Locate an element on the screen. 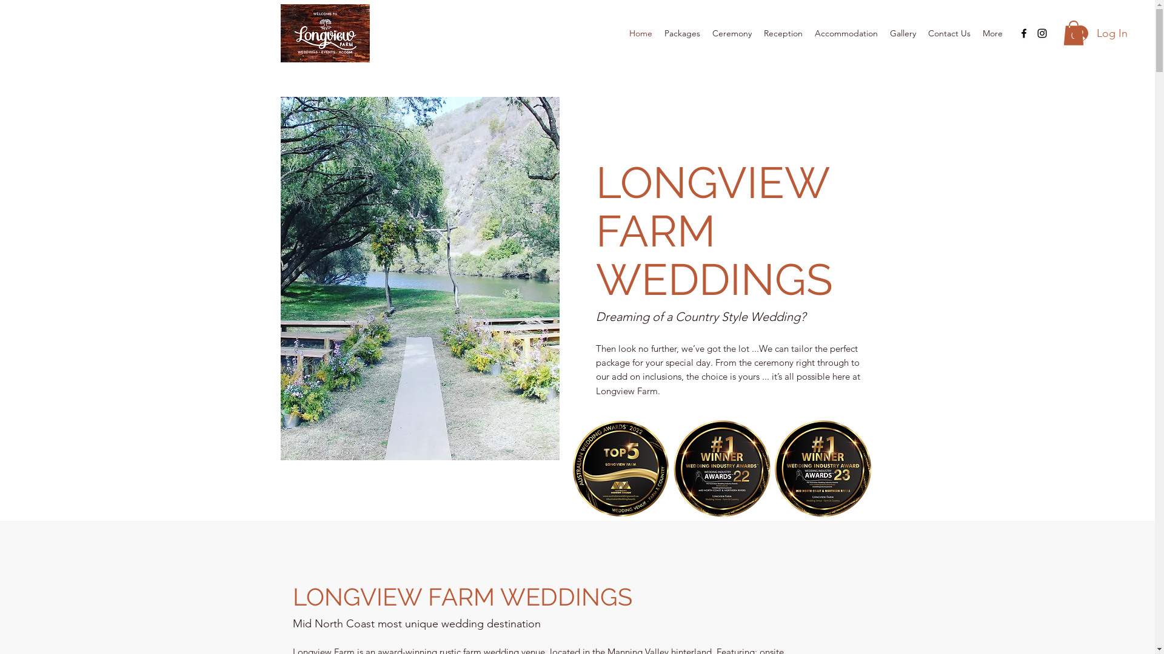 This screenshot has height=654, width=1164. 'Reception' is located at coordinates (783, 32).